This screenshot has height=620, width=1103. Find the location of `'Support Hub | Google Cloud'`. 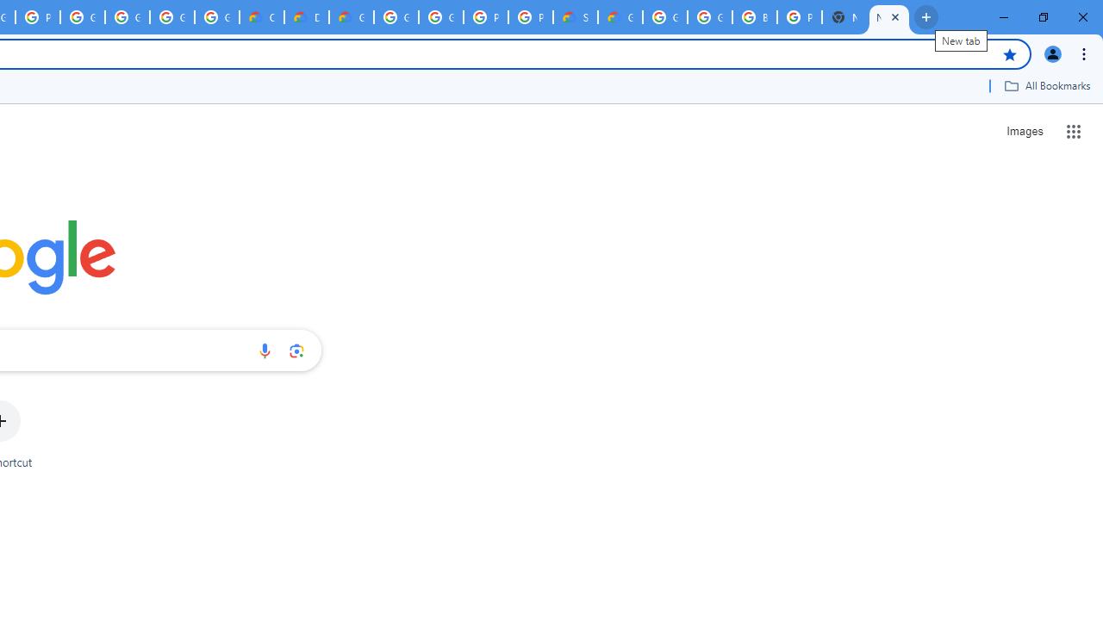

'Support Hub | Google Cloud' is located at coordinates (576, 17).